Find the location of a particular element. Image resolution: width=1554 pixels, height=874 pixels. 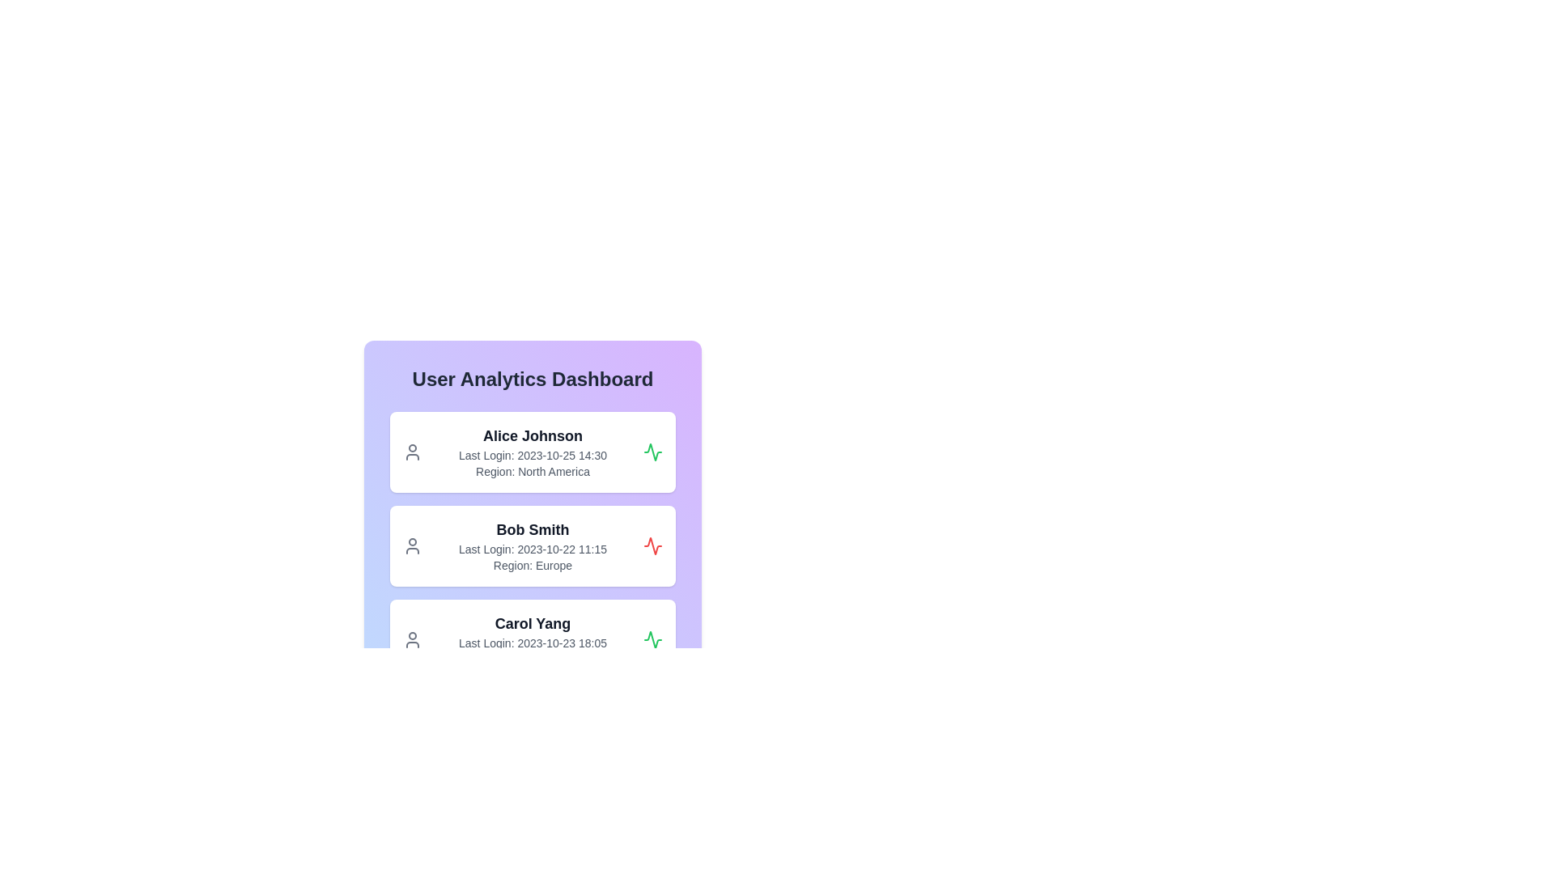

the Information display text block, which presents user-specific information such as the user's name, last login time, and associated region. It is the third card in a vertical stack of similar cards is located at coordinates (533, 639).